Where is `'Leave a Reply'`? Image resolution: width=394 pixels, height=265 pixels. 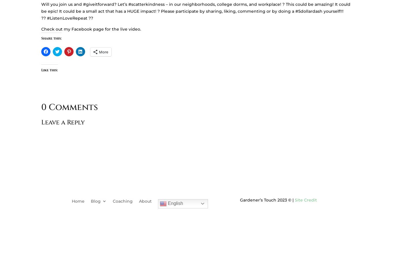
'Leave a Reply' is located at coordinates (63, 122).